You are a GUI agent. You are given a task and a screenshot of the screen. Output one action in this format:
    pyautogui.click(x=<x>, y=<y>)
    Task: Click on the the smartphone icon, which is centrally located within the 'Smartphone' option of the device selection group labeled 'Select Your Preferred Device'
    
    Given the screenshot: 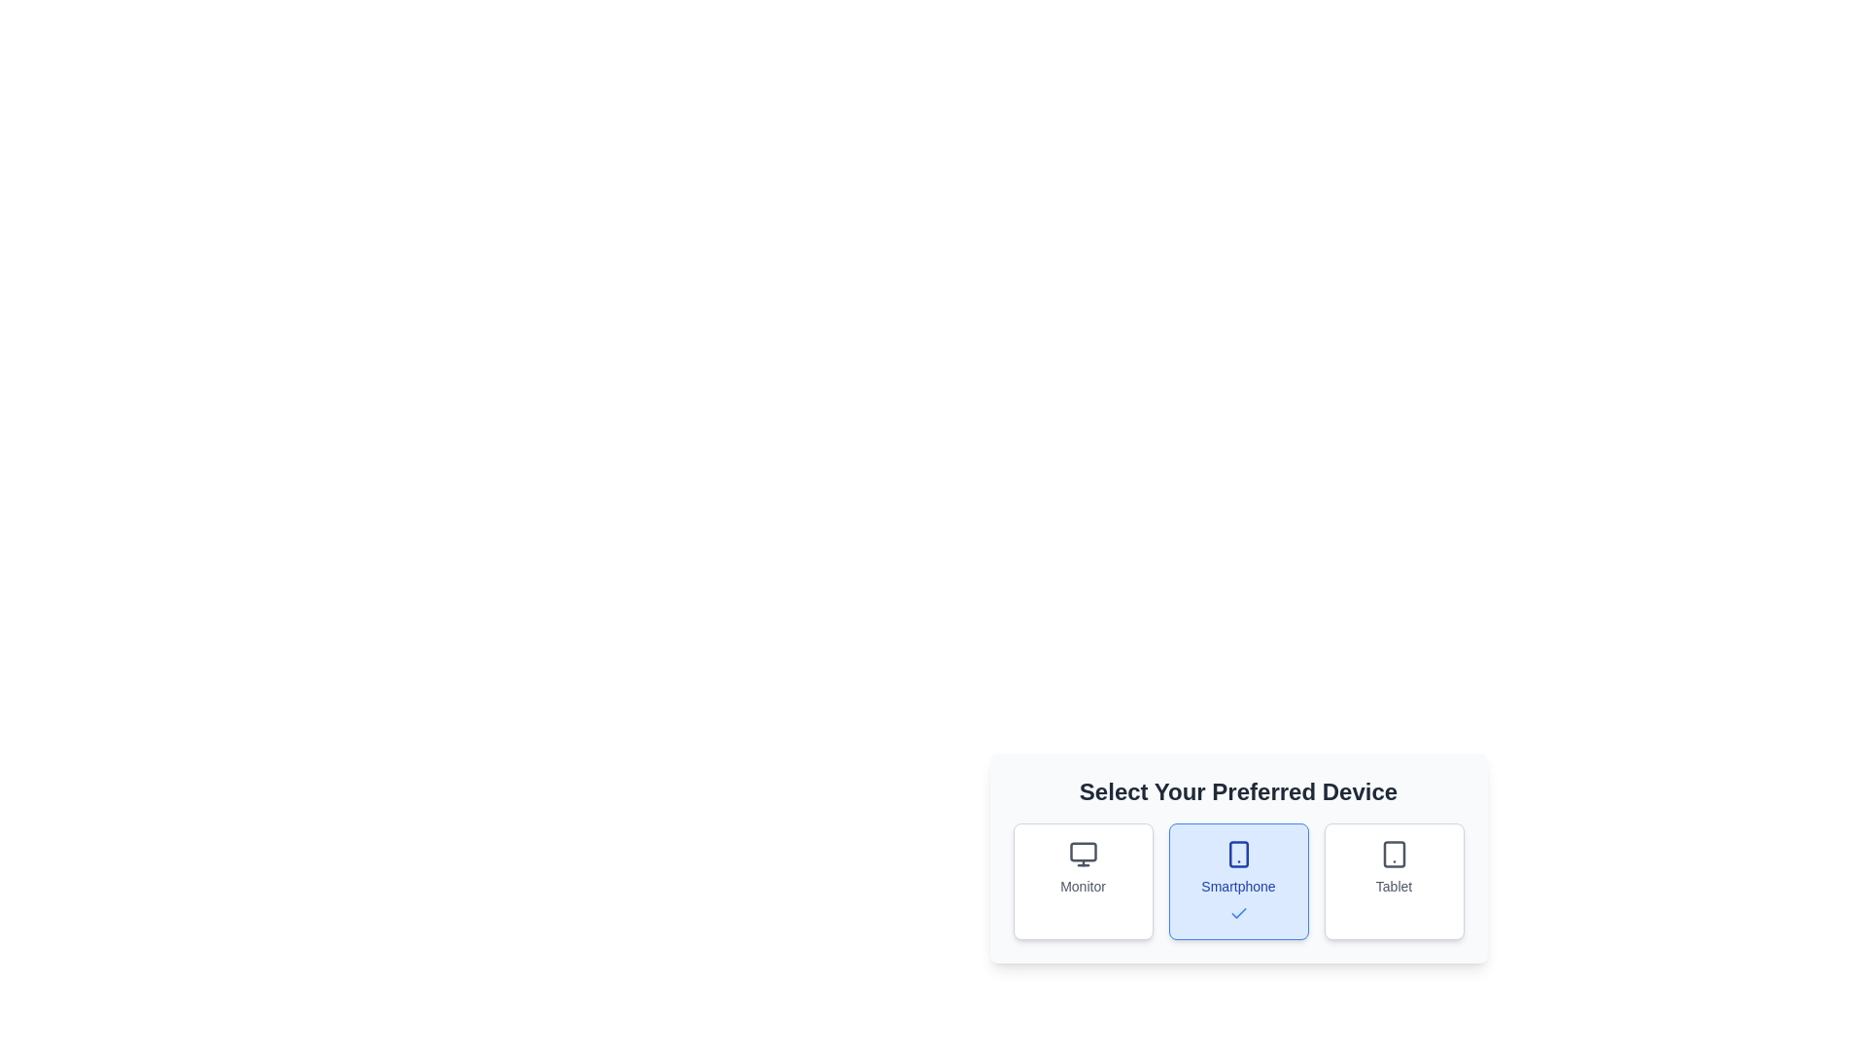 What is the action you would take?
    pyautogui.click(x=1237, y=854)
    